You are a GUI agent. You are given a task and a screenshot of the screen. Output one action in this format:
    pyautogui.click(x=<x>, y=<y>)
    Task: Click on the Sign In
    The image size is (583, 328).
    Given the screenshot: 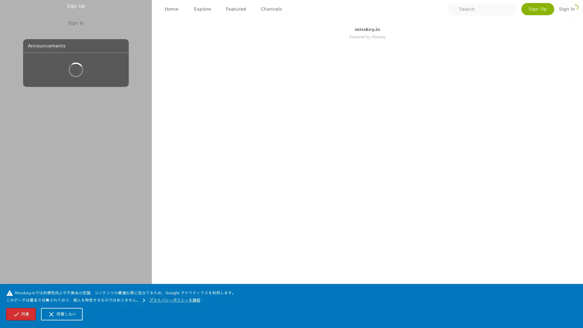 What is the action you would take?
    pyautogui.click(x=75, y=155)
    